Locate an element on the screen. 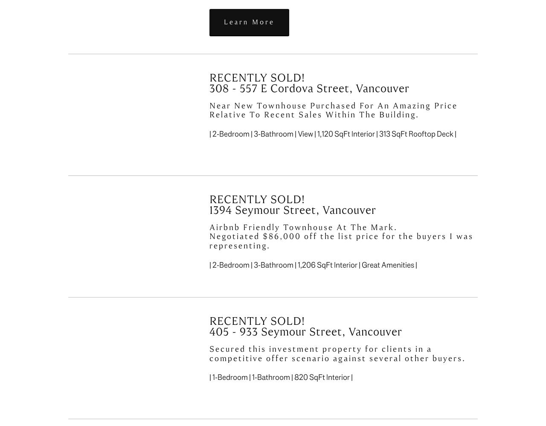 This screenshot has width=546, height=426. '1394 Seymour Street, Vancouver' is located at coordinates (293, 209).